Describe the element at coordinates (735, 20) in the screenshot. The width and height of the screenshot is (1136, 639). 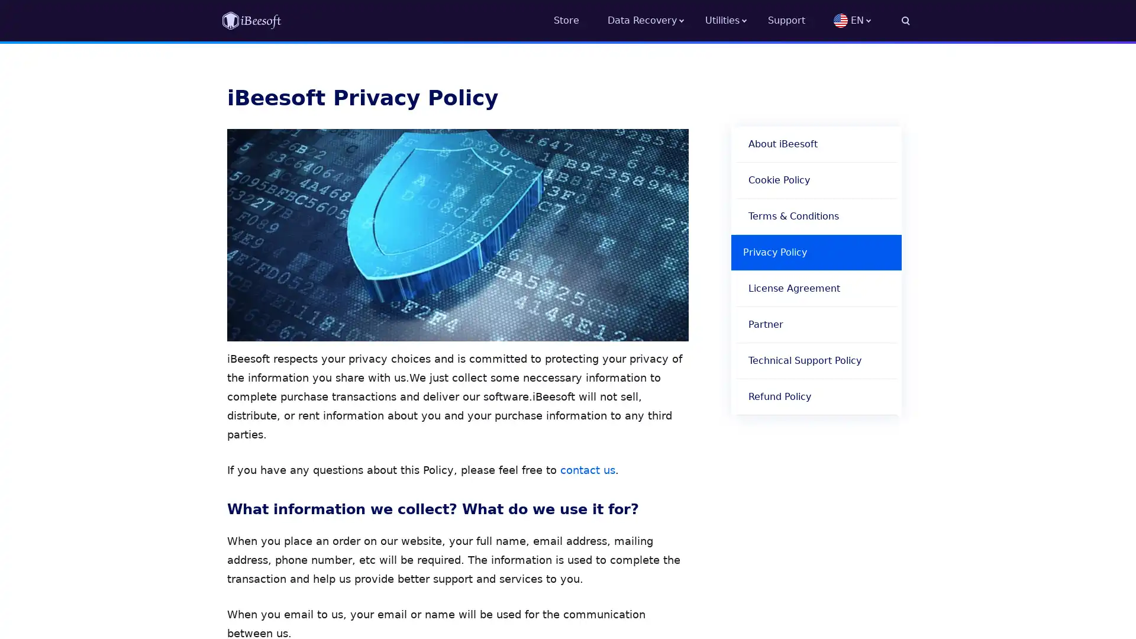
I see `products` at that location.